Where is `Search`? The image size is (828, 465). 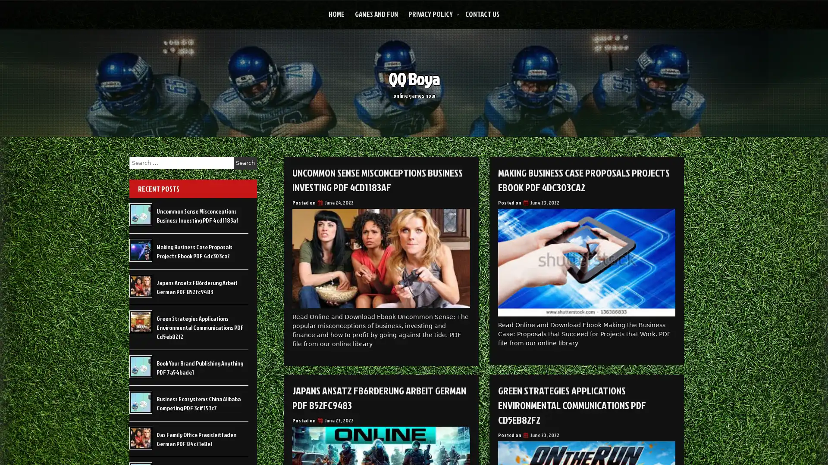
Search is located at coordinates (245, 163).